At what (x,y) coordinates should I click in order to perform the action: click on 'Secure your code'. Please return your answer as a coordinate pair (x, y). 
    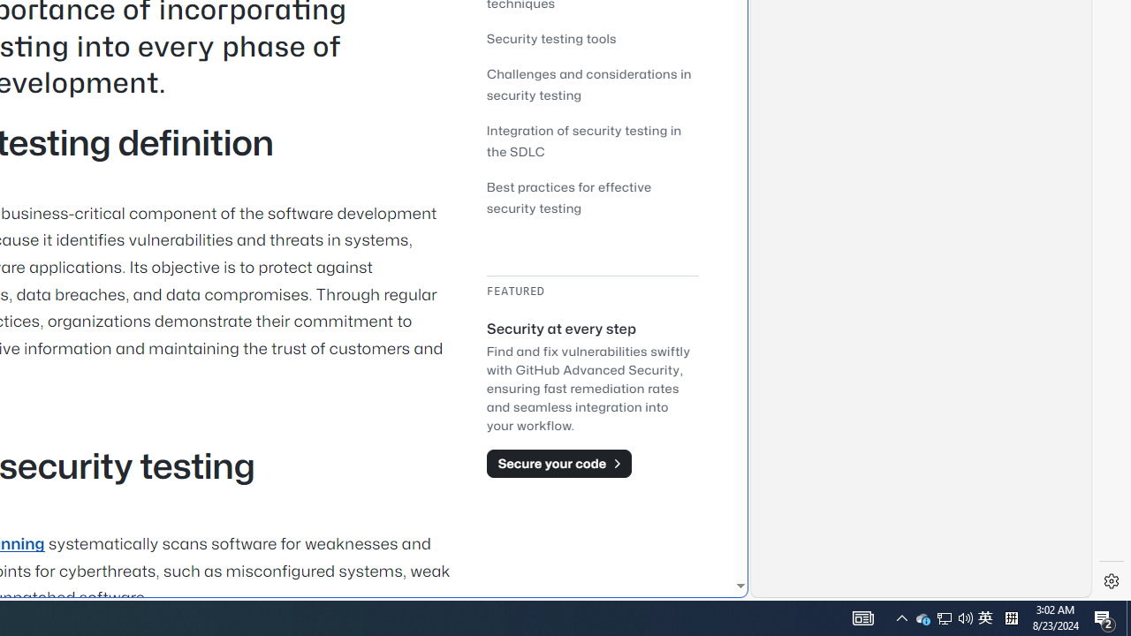
    Looking at the image, I should click on (558, 462).